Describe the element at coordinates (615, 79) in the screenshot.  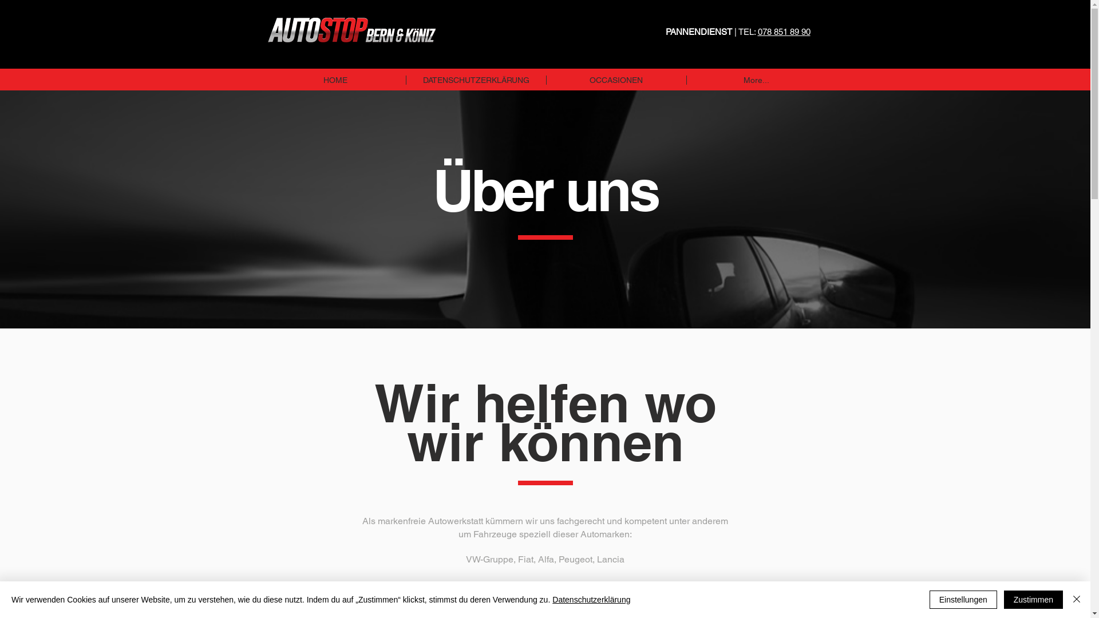
I see `'OCCASIONEN'` at that location.